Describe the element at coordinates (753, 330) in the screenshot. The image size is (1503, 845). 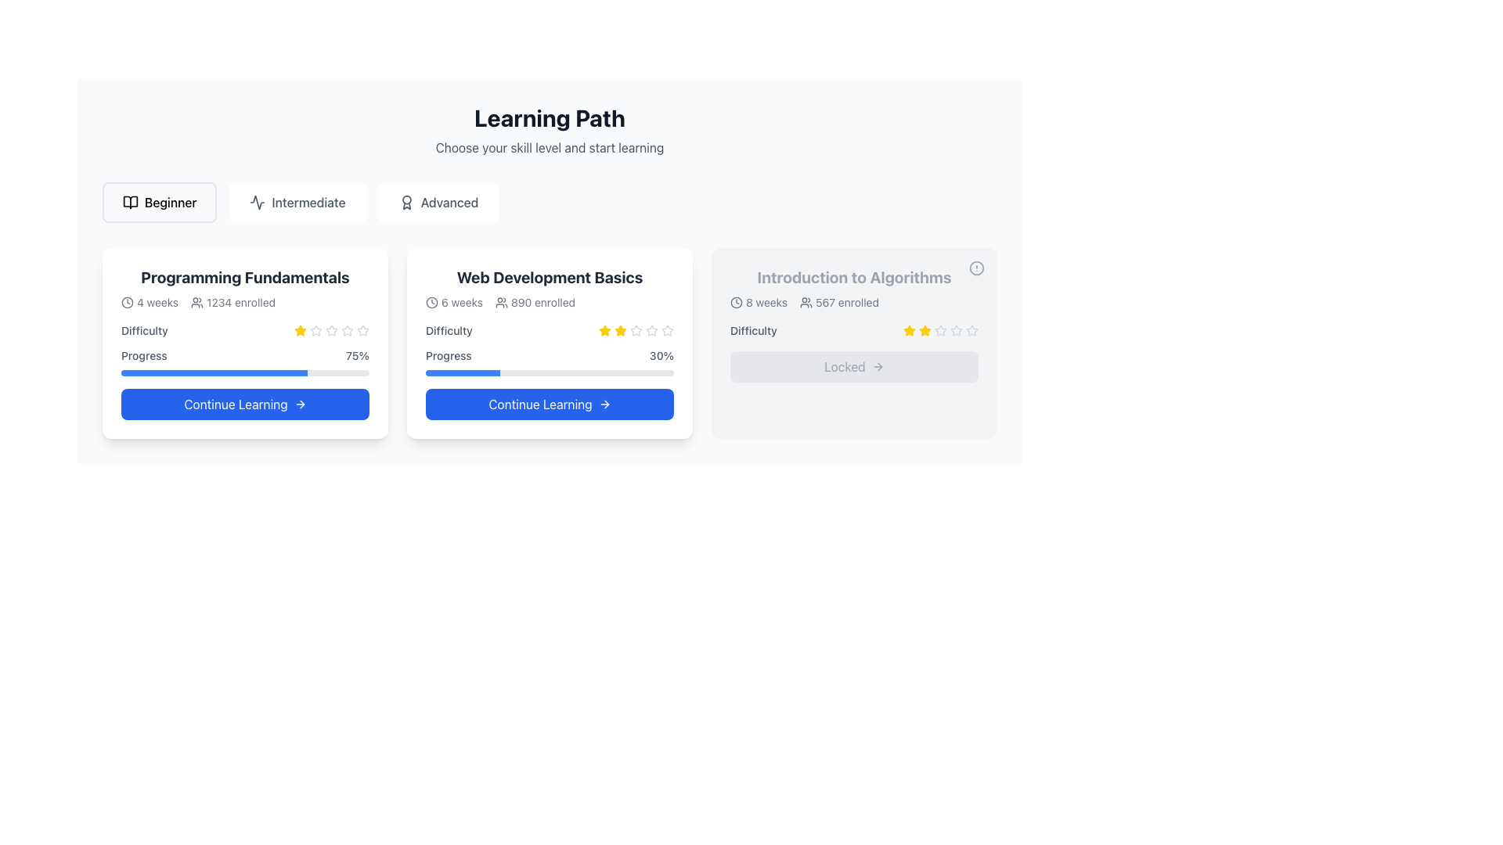
I see `the Static Text Label displaying 'Difficulty', which is located in the rightmost card of the course modules list, under the 'Introduction to Algorithms' course title` at that location.